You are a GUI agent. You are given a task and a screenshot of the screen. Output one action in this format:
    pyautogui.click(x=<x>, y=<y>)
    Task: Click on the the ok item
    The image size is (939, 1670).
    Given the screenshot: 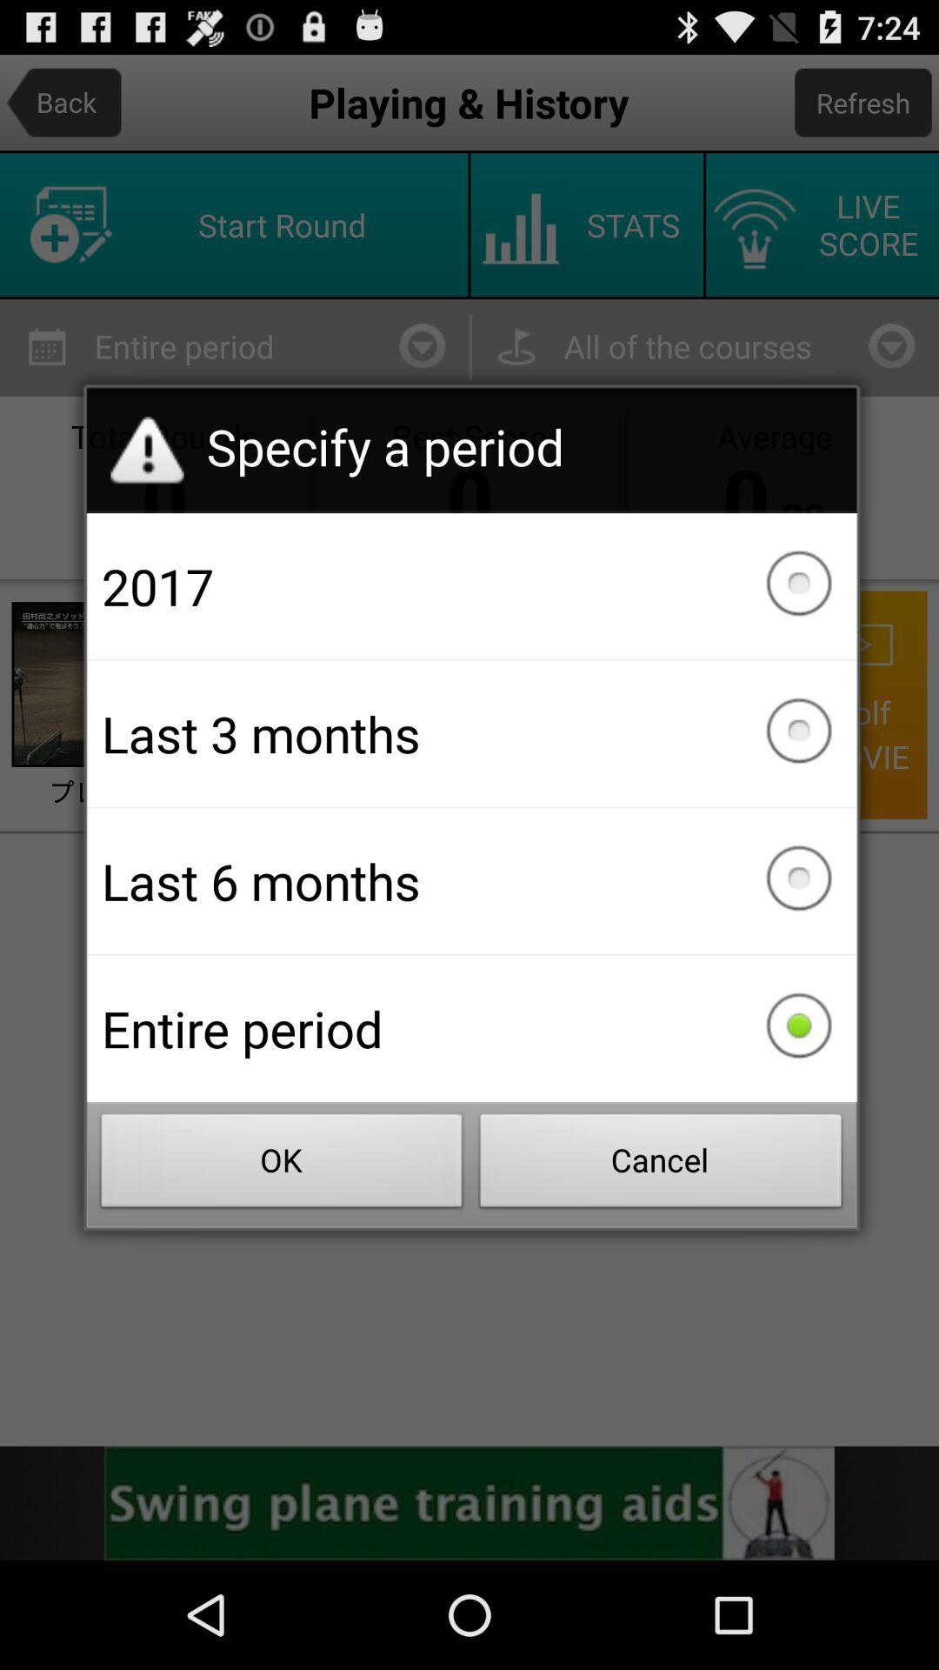 What is the action you would take?
    pyautogui.click(x=281, y=1166)
    